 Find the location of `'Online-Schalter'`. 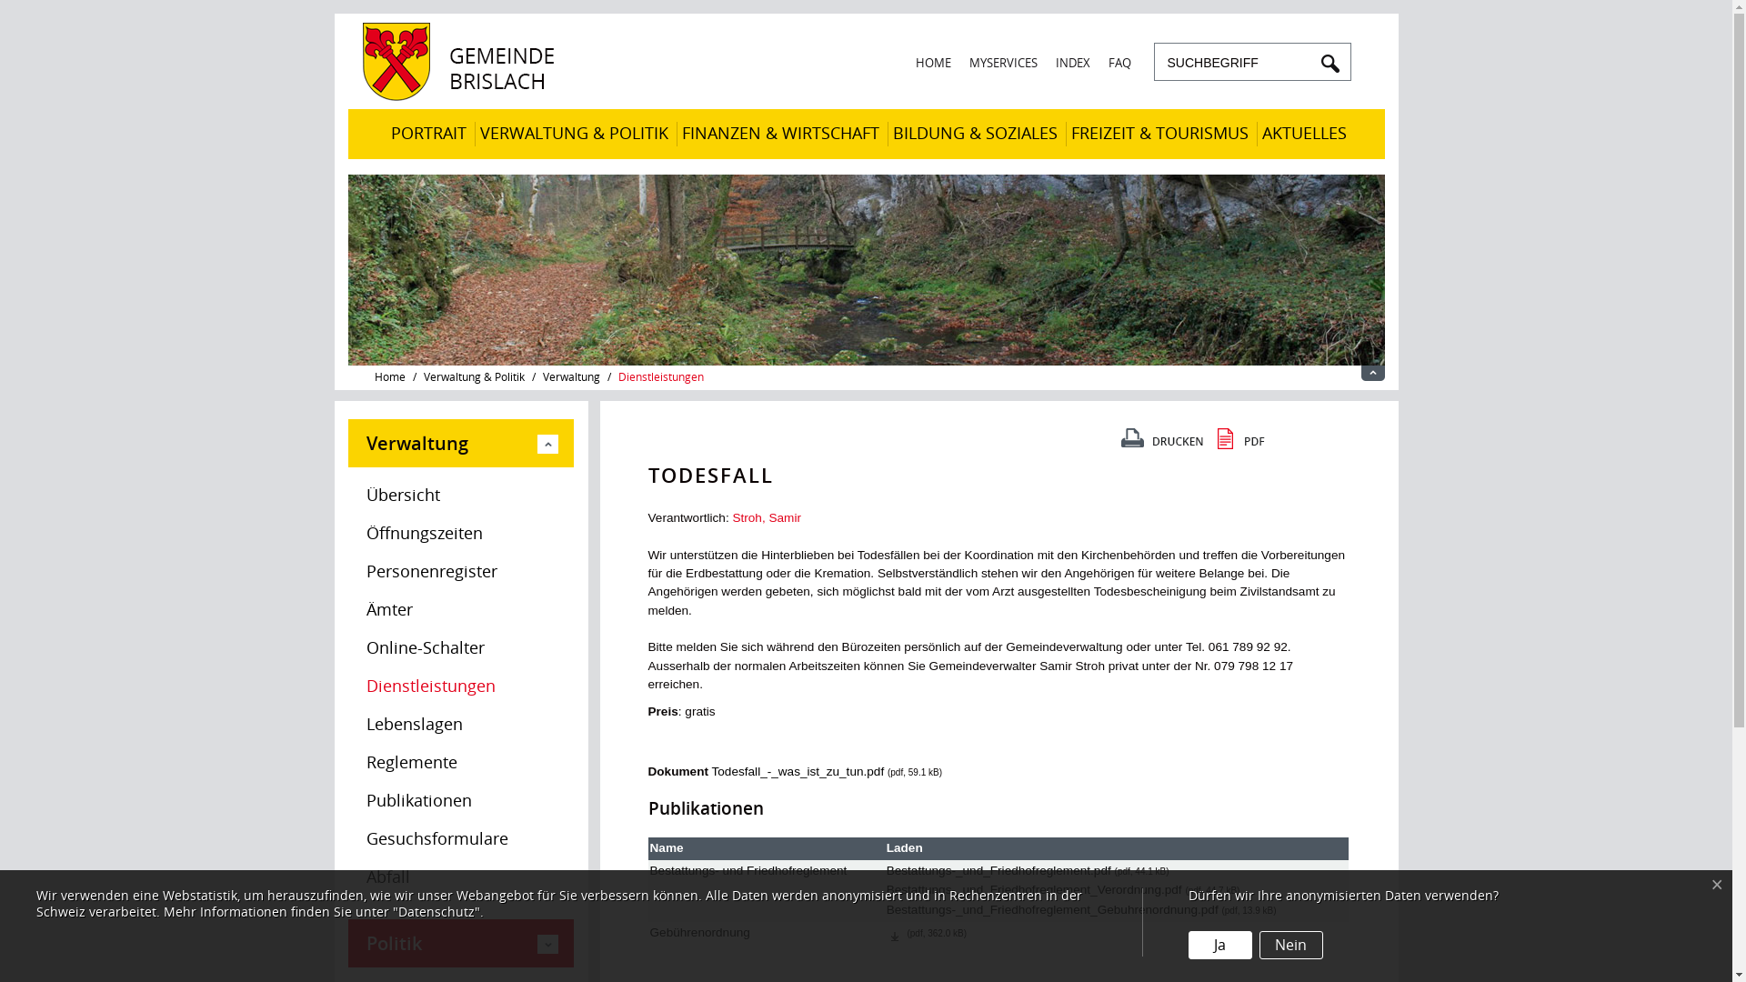

'Online-Schalter' is located at coordinates (459, 647).